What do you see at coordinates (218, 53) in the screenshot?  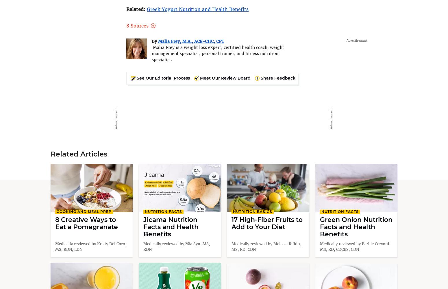 I see `'Malia Frey is a weight loss expert, certified health coach, weight management specialist, personal trainer​, and fitness nutrition specialist.'` at bounding box center [218, 53].